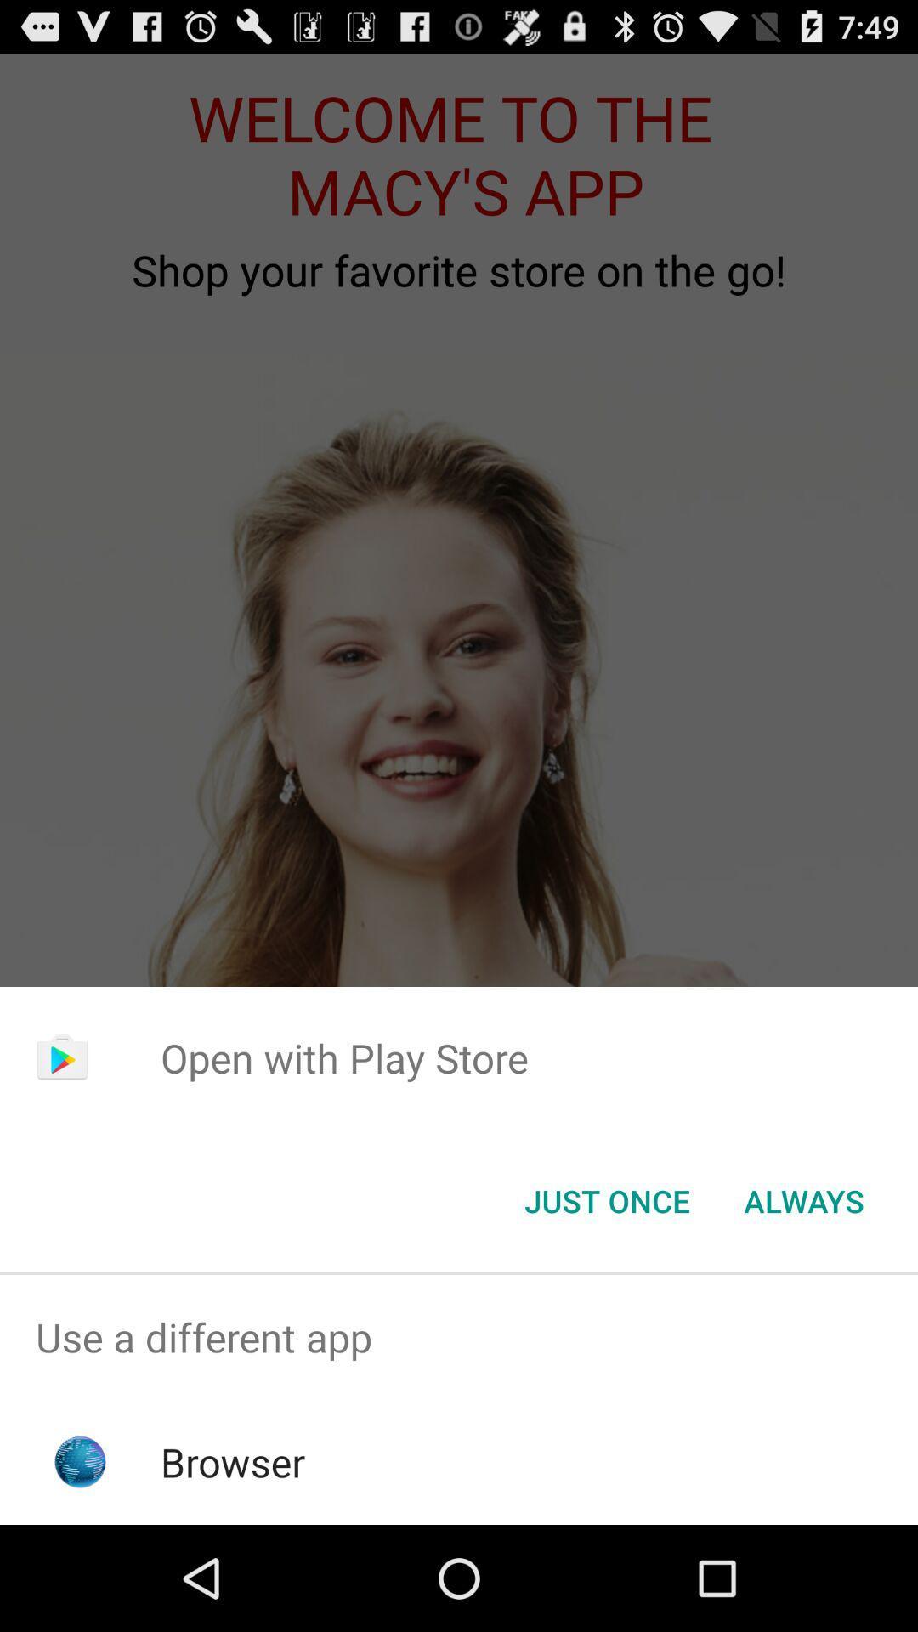 Image resolution: width=918 pixels, height=1632 pixels. What do you see at coordinates (606, 1199) in the screenshot?
I see `the icon below the open with play icon` at bounding box center [606, 1199].